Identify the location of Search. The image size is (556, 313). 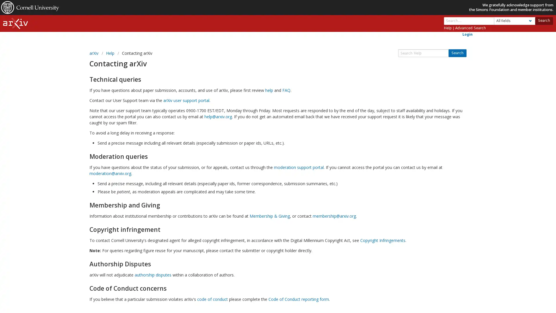
(457, 53).